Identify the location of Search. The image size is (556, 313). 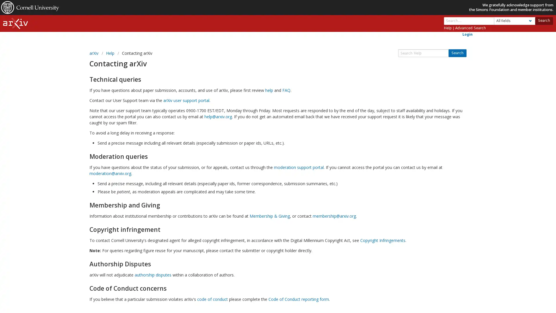
(457, 53).